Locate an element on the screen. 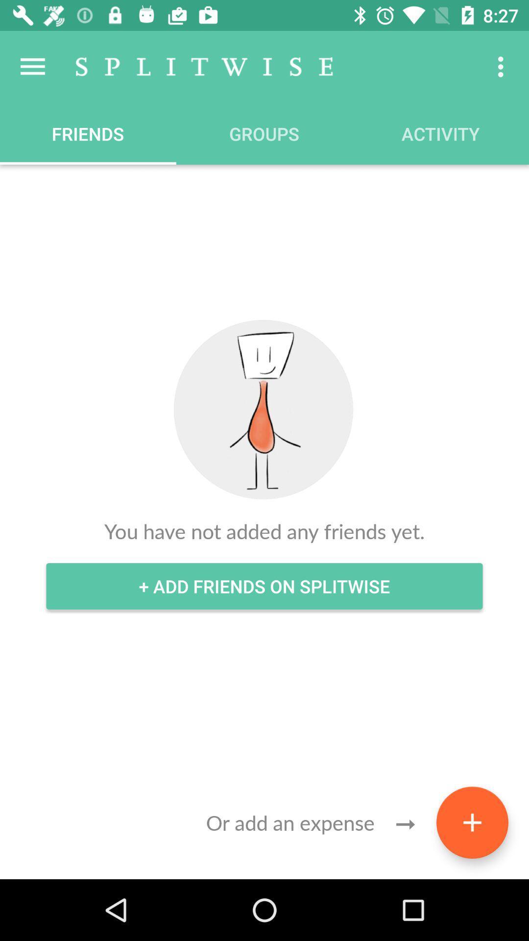 Image resolution: width=529 pixels, height=941 pixels. the item above the activity icon is located at coordinates (503, 66).